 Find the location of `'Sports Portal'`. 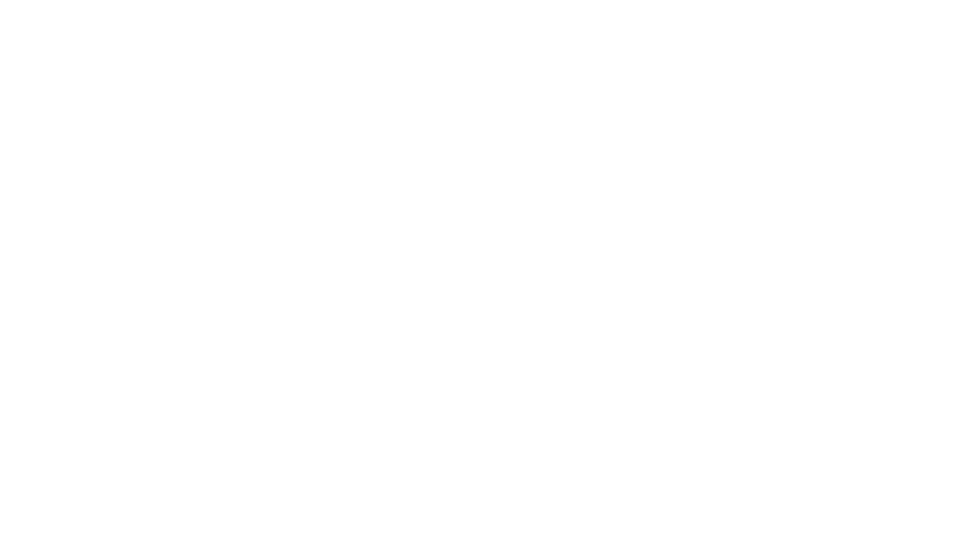

'Sports Portal' is located at coordinates (780, 363).